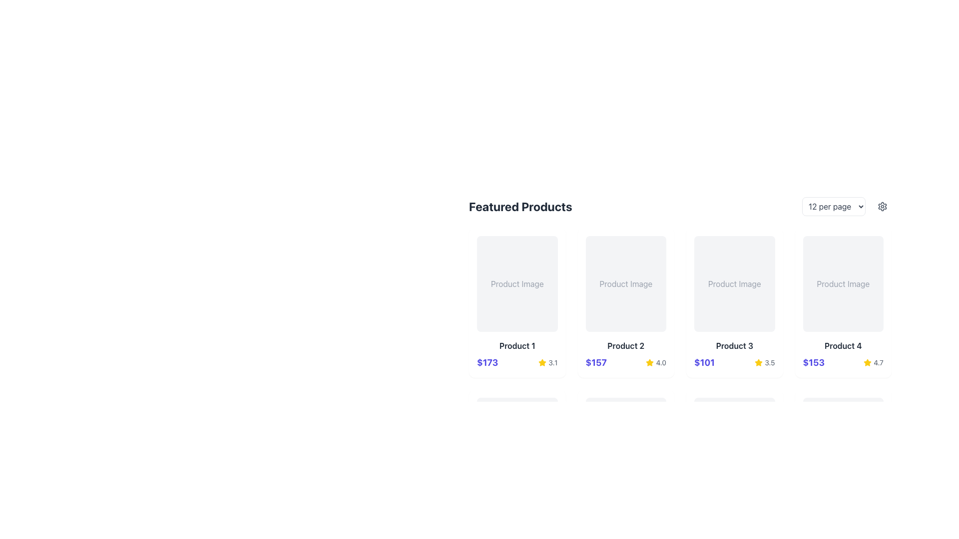 The width and height of the screenshot is (959, 539). I want to click on the image placeholder at the top of the rightmost card in the product list, which displays 'Product Image' in a light gray rectangular area, so click(843, 284).